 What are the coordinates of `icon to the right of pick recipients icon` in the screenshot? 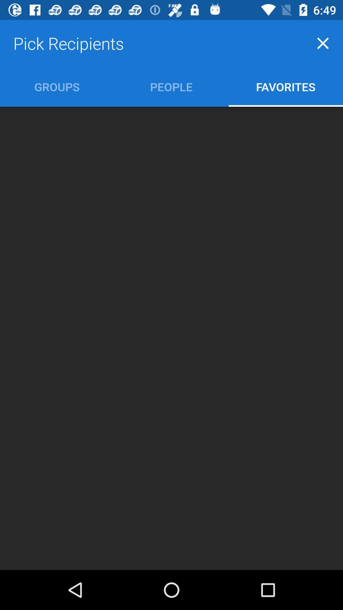 It's located at (323, 43).